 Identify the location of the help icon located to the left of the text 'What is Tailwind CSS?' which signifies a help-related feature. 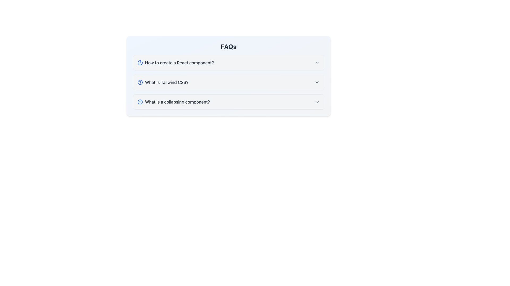
(140, 82).